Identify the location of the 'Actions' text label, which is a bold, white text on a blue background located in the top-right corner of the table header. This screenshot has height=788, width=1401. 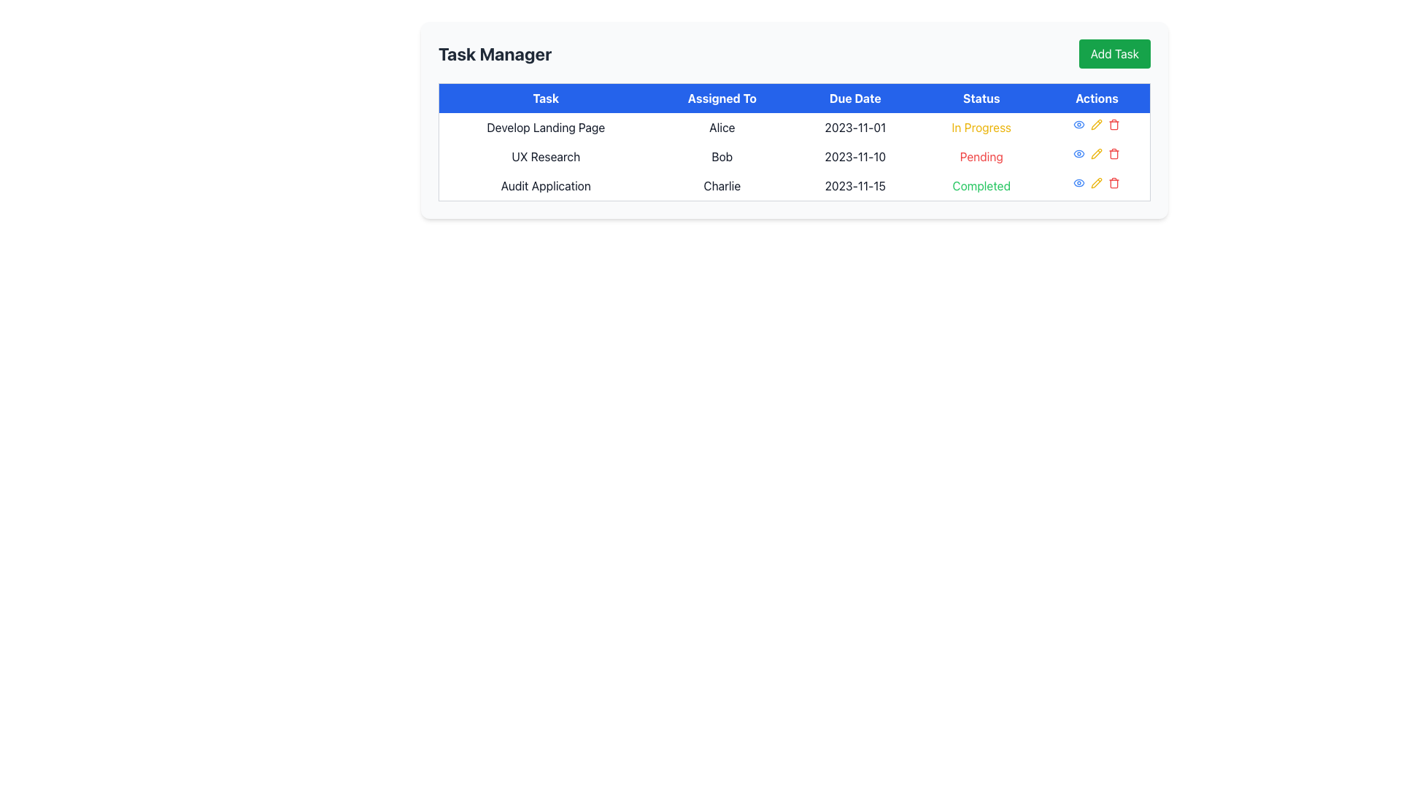
(1097, 98).